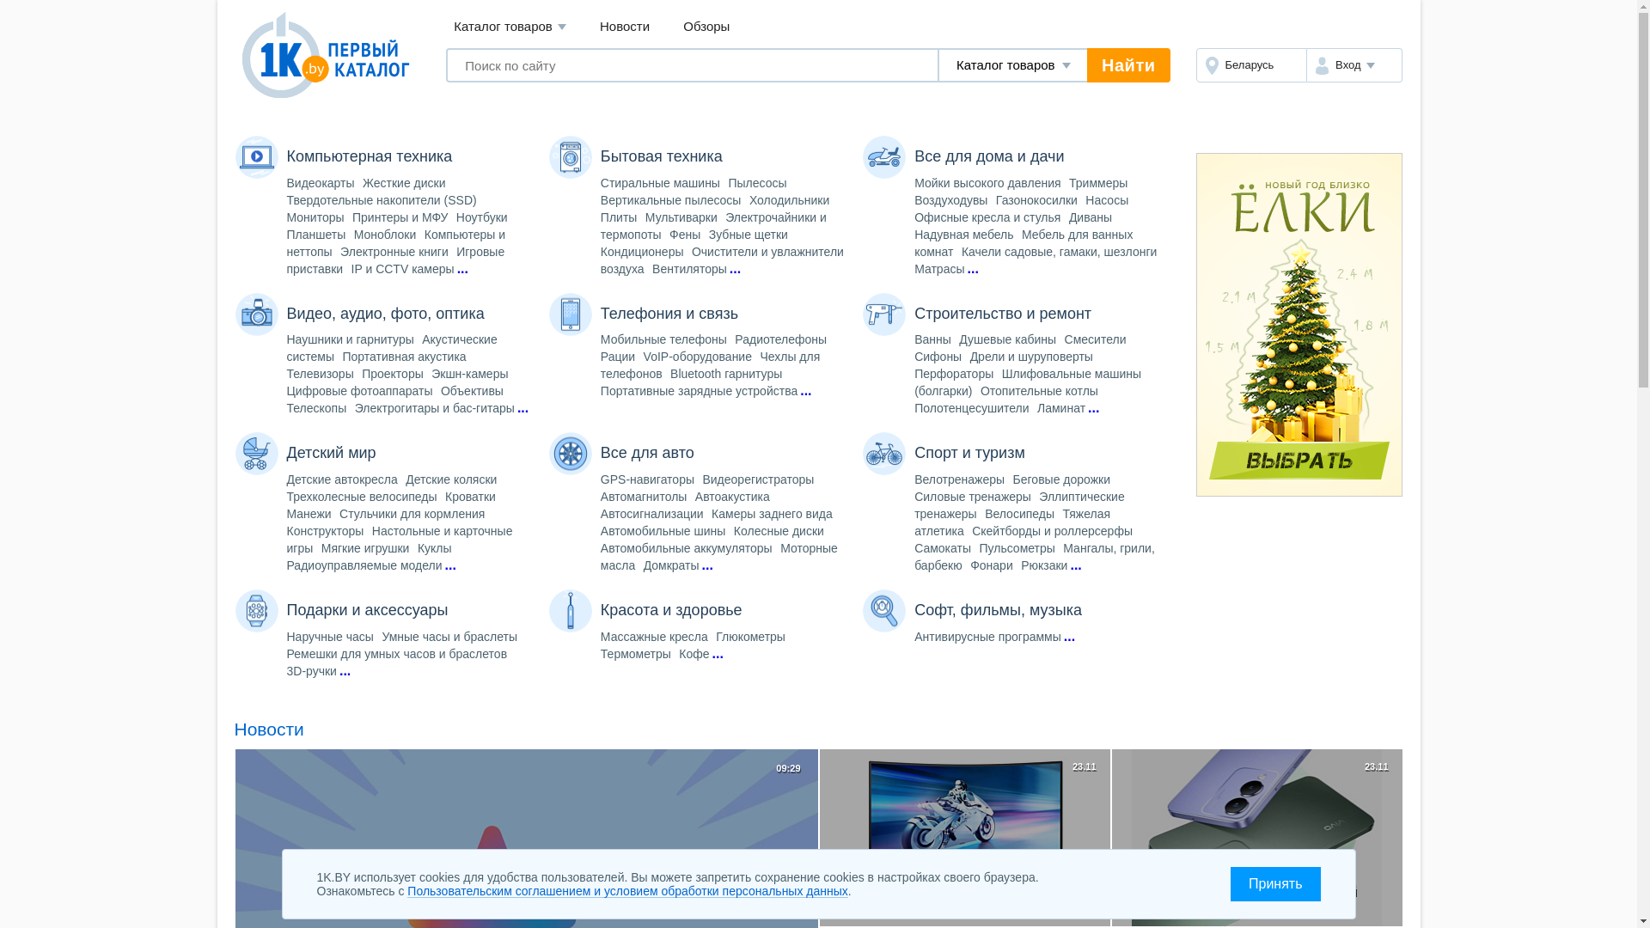 This screenshot has width=1650, height=928. What do you see at coordinates (735, 268) in the screenshot?
I see `'...'` at bounding box center [735, 268].